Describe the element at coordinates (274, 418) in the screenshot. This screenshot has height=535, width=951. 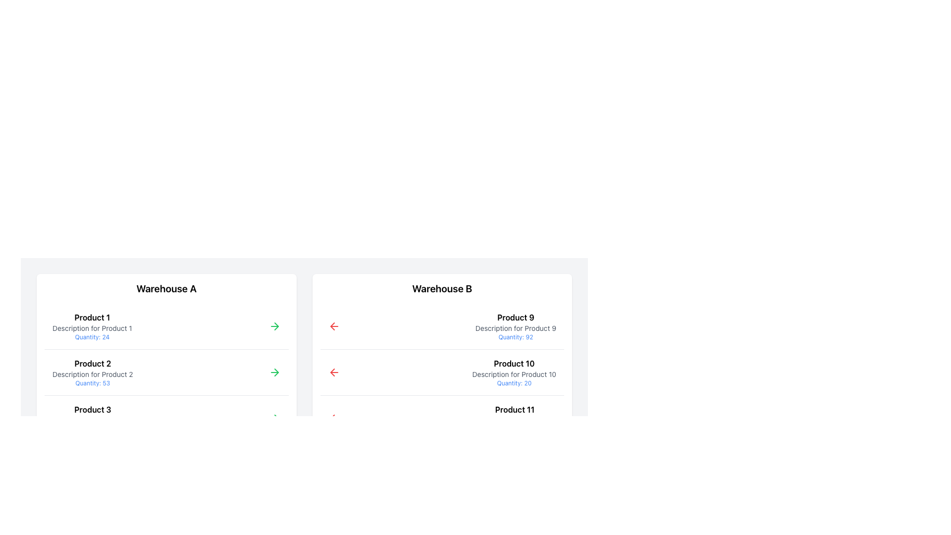
I see `the icon located in the 'Product 3' section, situated to the far right of the product details following 'Quantity: 16'` at that location.